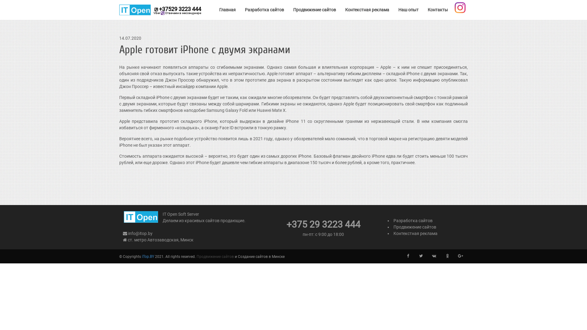 The height and width of the screenshot is (330, 587). Describe the element at coordinates (323, 226) in the screenshot. I see `'+375 29 3223 444'` at that location.